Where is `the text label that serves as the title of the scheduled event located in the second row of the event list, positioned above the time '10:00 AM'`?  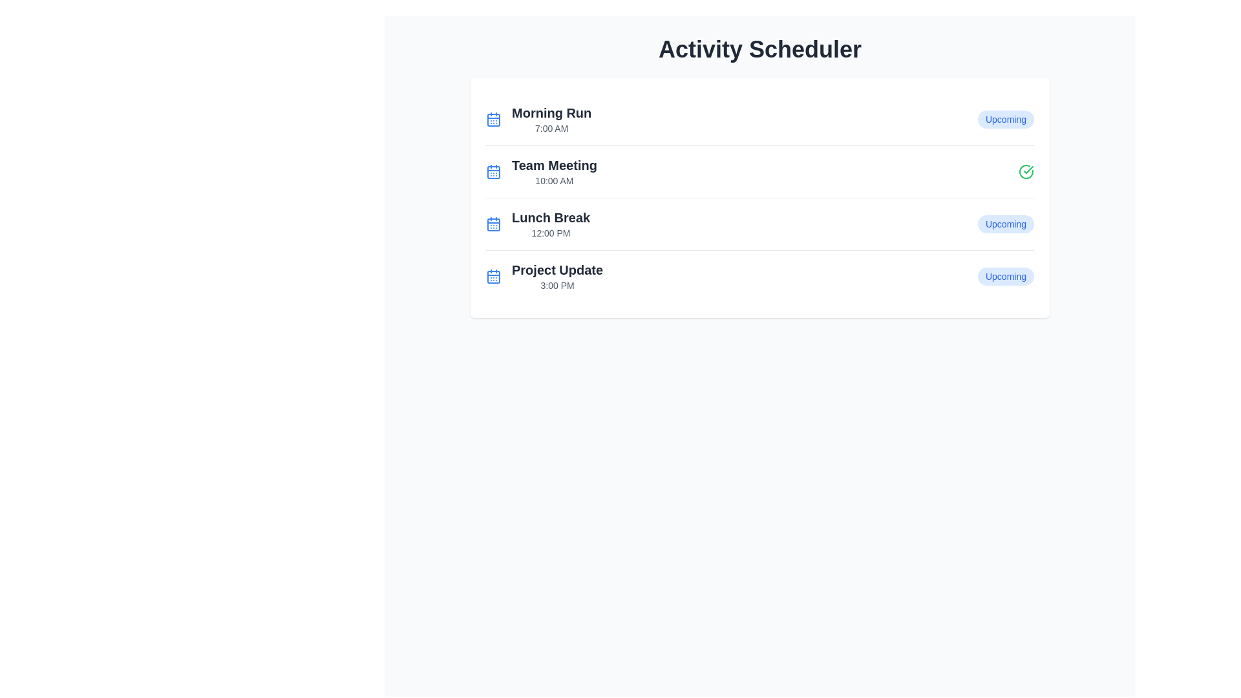
the text label that serves as the title of the scheduled event located in the second row of the event list, positioned above the time '10:00 AM' is located at coordinates (554, 164).